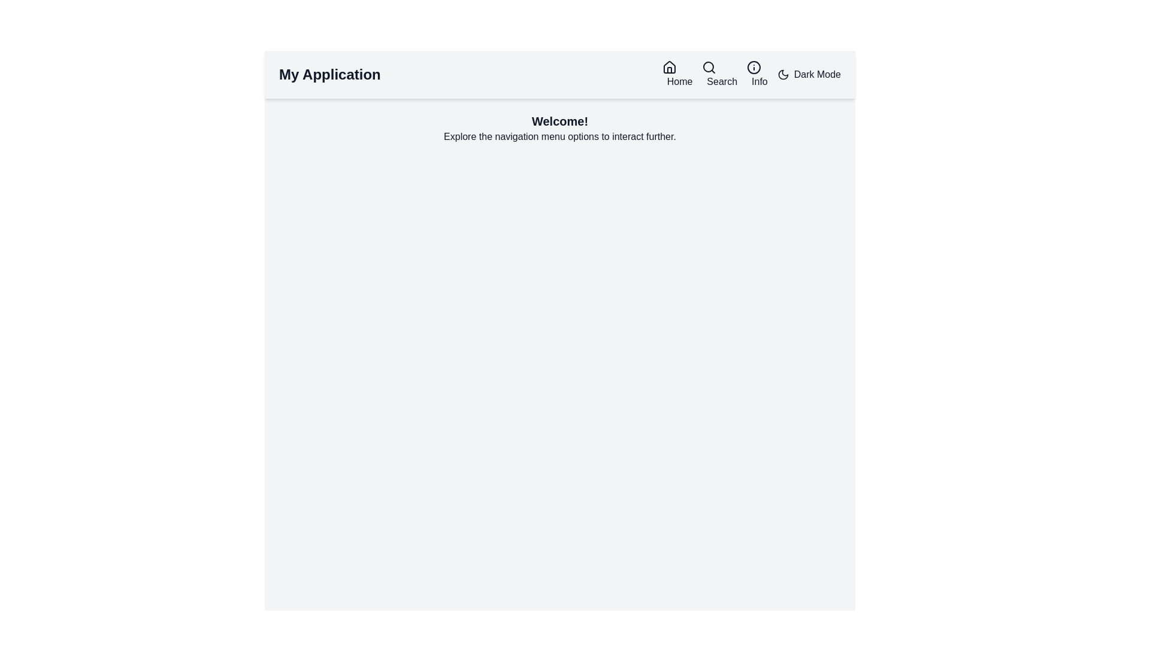 Image resolution: width=1150 pixels, height=646 pixels. I want to click on the Text Label that serves as a title or branding label for the application located at the leftmost position within the navigation bar at the top of the page, so click(329, 74).